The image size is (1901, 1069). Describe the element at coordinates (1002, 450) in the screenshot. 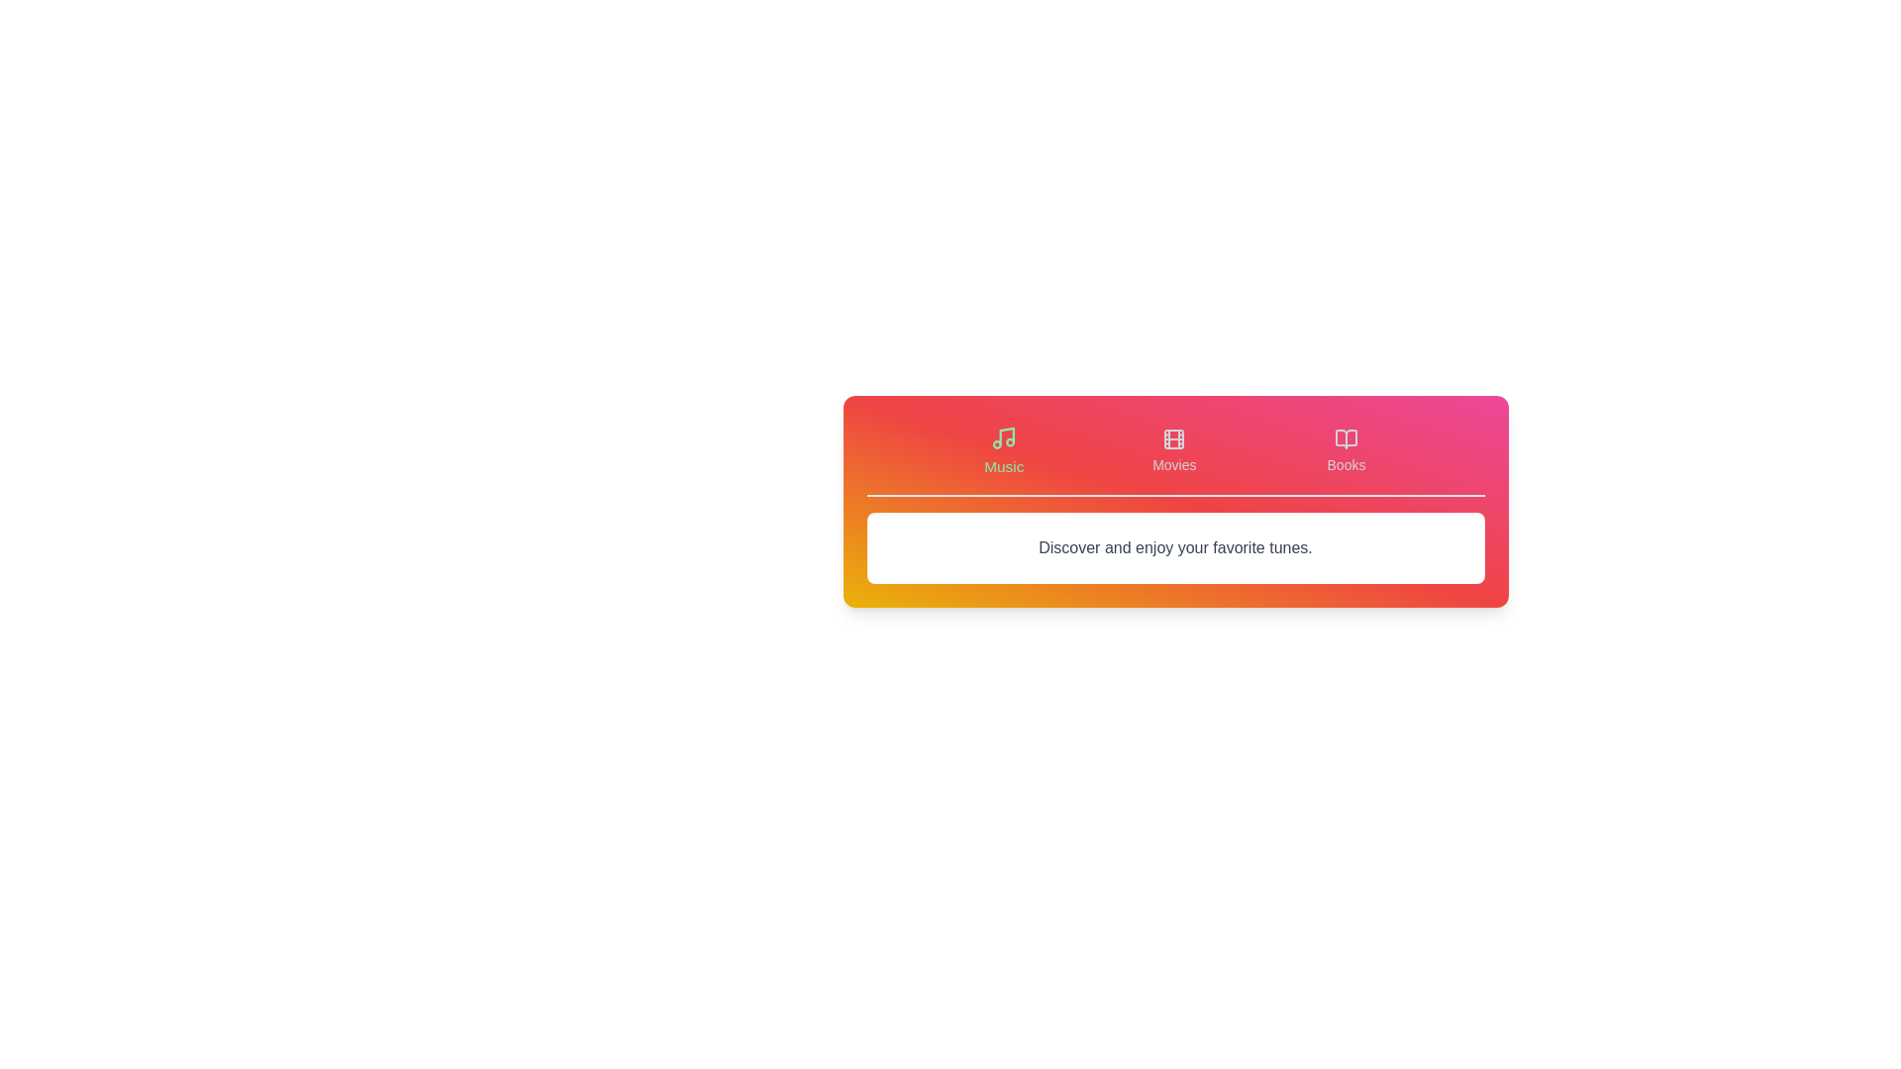

I see `the Music tab to view its content` at that location.